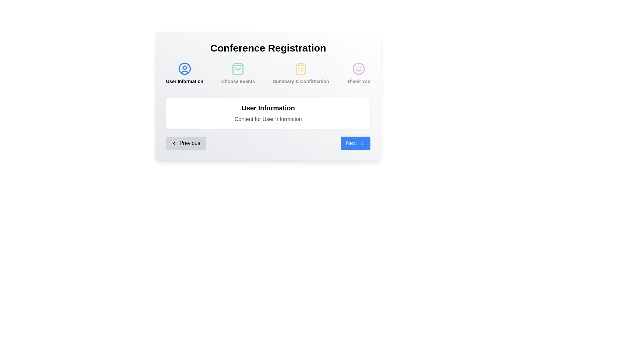 Image resolution: width=639 pixels, height=359 pixels. What do you see at coordinates (362, 143) in the screenshot?
I see `the 'Next' button which contains a right-facing chevron icon and is styled as an outline in blue` at bounding box center [362, 143].